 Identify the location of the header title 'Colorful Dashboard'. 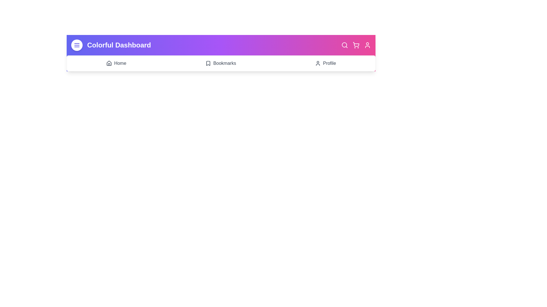
(119, 45).